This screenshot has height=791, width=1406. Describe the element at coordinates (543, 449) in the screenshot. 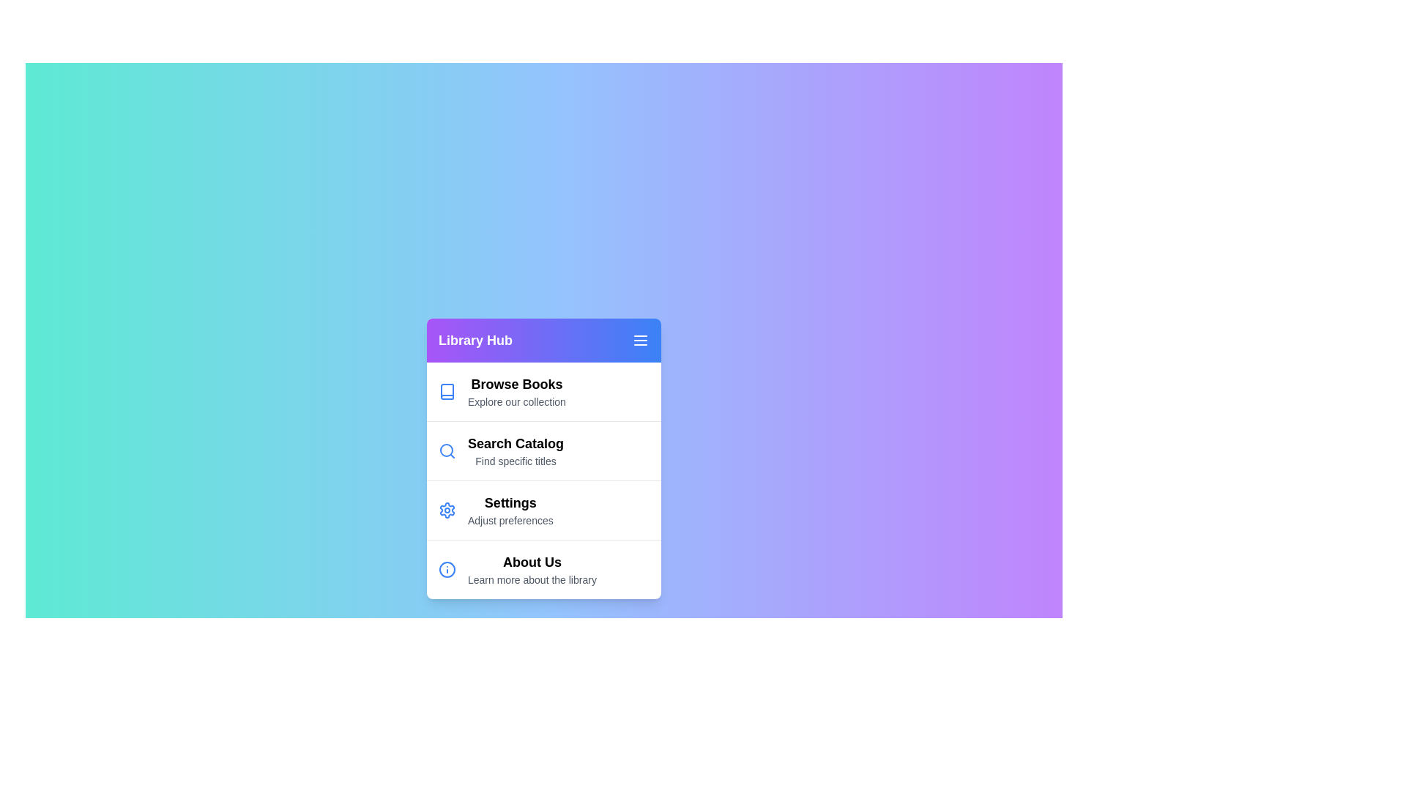

I see `the menu item Search Catalog by clicking on it` at that location.